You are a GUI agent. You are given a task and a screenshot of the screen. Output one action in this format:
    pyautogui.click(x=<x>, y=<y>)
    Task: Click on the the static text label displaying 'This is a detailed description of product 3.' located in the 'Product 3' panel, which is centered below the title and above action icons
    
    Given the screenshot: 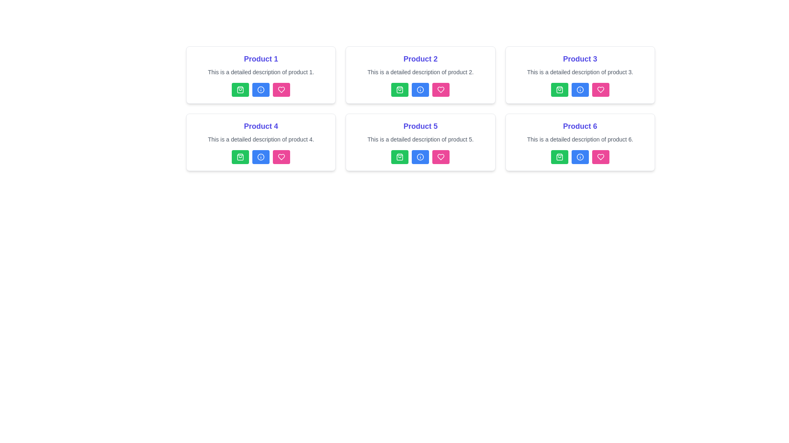 What is the action you would take?
    pyautogui.click(x=579, y=72)
    